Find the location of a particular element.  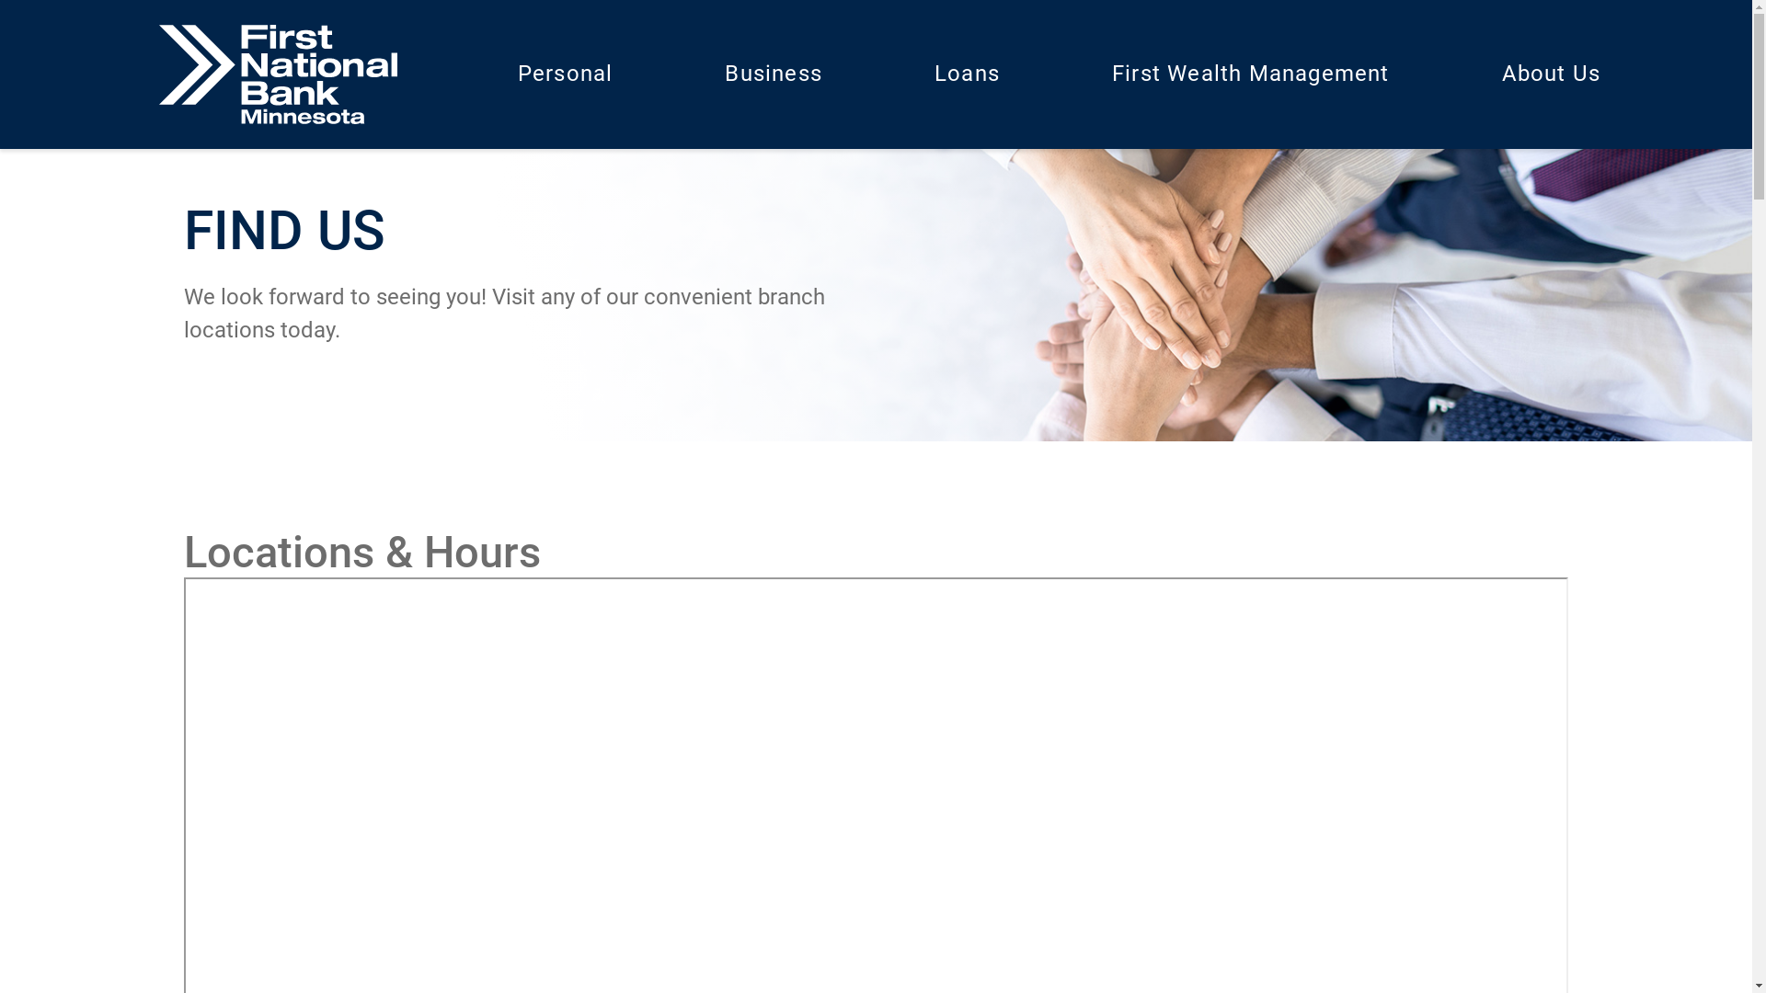

'Business' is located at coordinates (773, 74).